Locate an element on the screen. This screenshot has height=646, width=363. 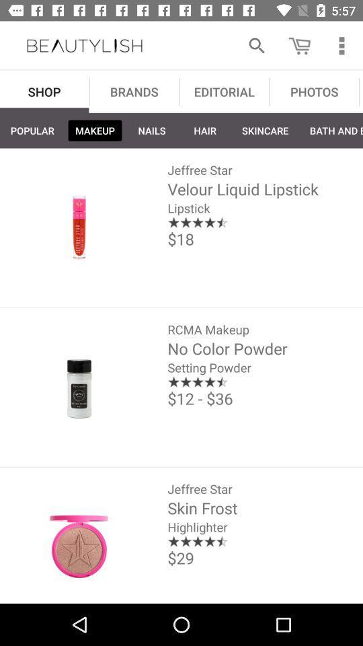
search is located at coordinates (257, 46).